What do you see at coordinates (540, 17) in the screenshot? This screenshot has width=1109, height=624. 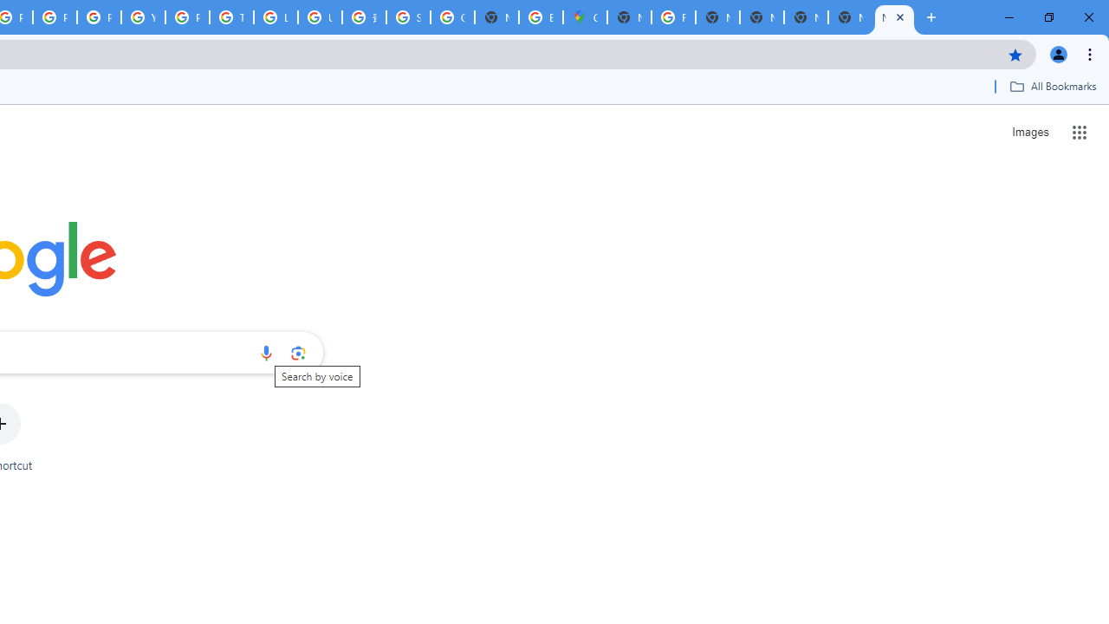 I see `'Explore new street-level details - Google Maps Help'` at bounding box center [540, 17].